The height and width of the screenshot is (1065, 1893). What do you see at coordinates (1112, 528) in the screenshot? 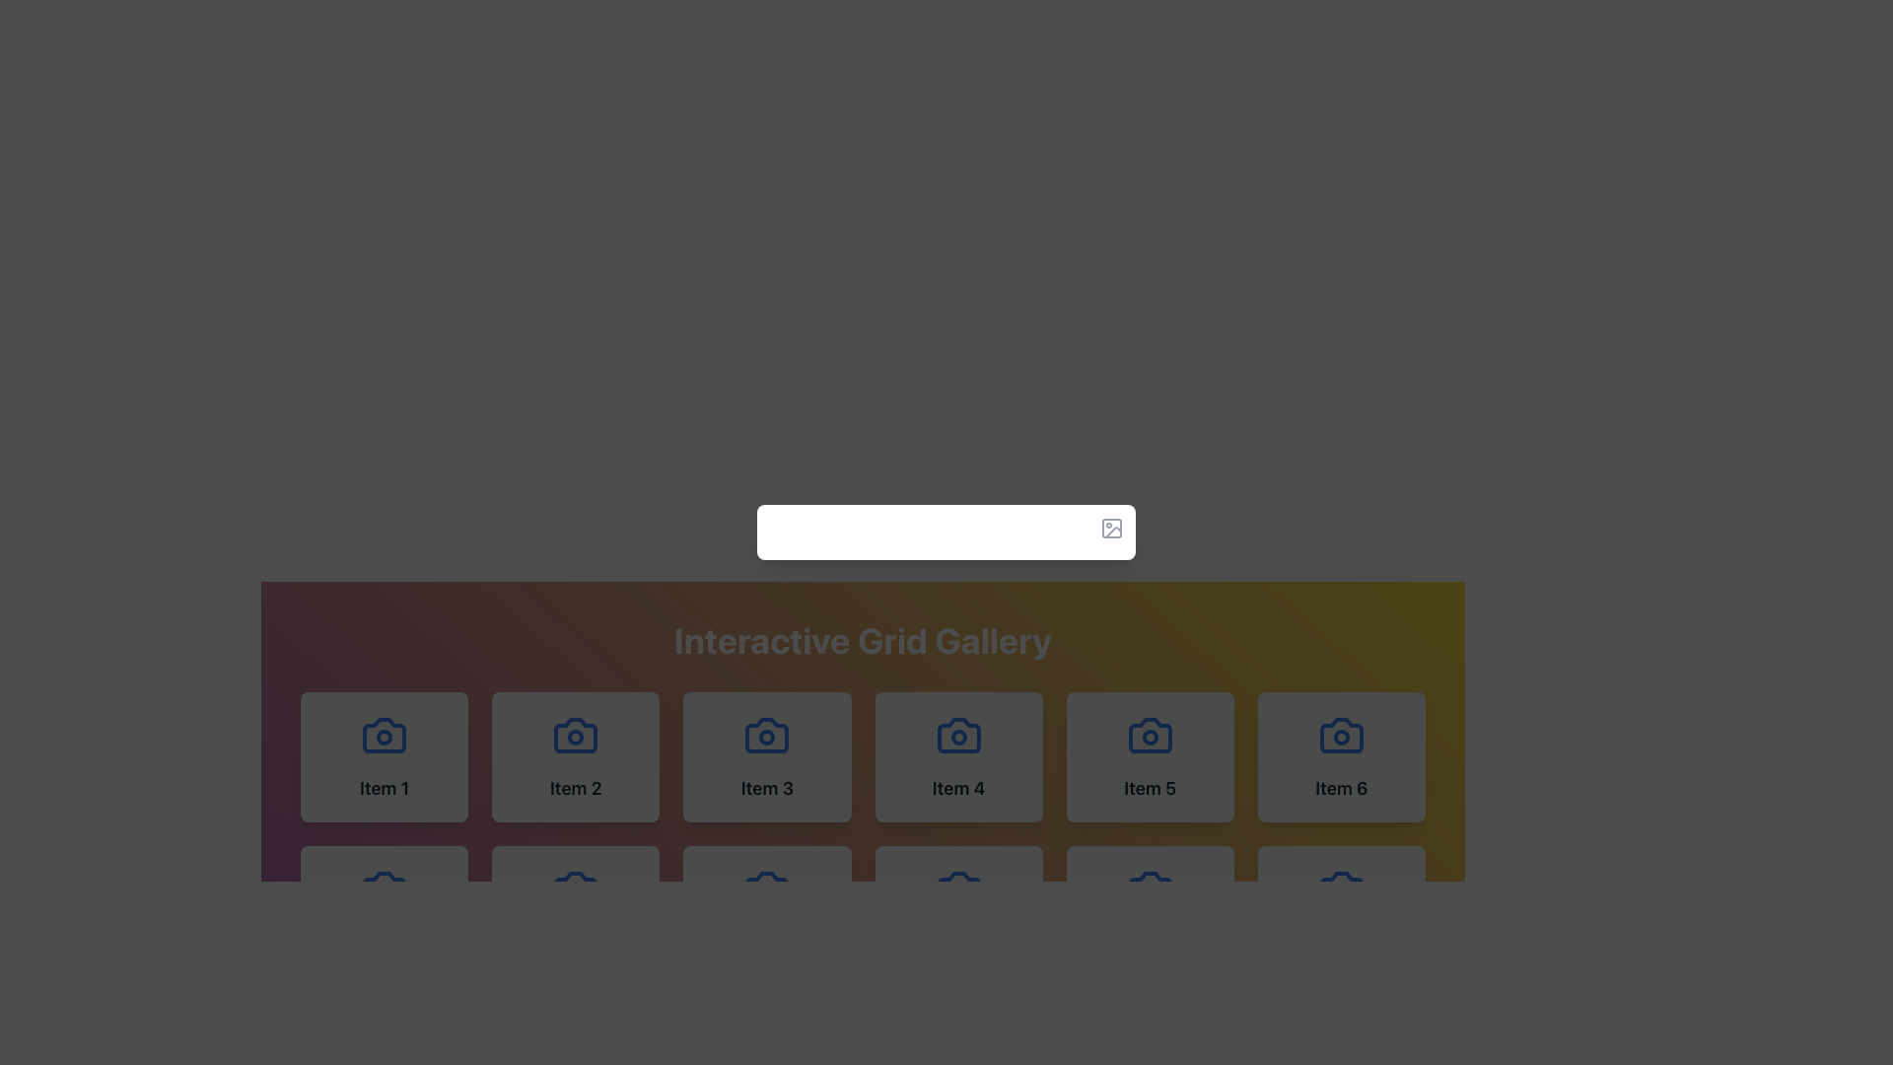
I see `the rectangular graphical shape with rounded corners that serves as the background of a photo representation icon located at the right edge of the white search bar interface` at bounding box center [1112, 528].